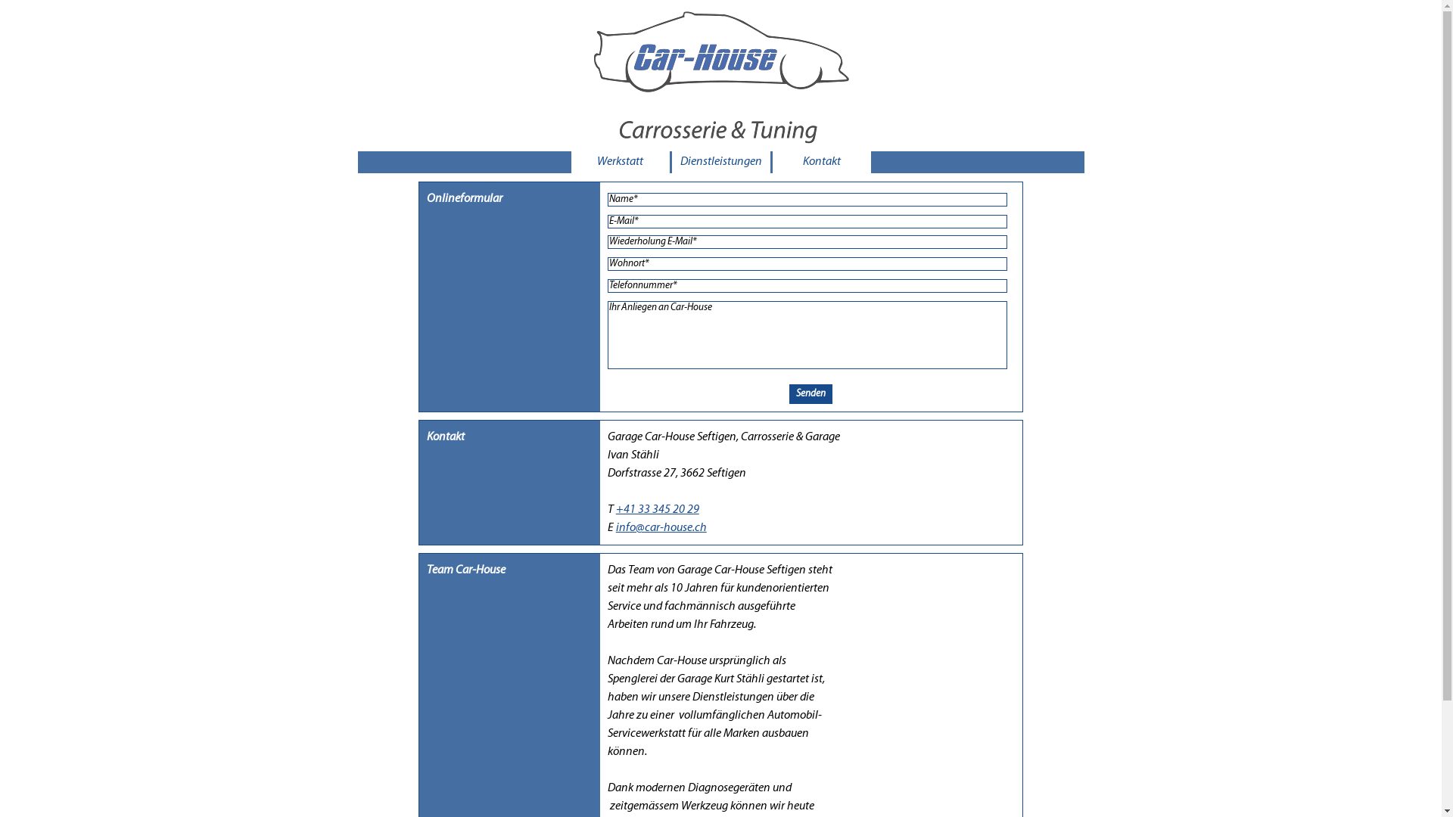 Image resolution: width=1453 pixels, height=817 pixels. I want to click on 'Kontakt', so click(820, 162).